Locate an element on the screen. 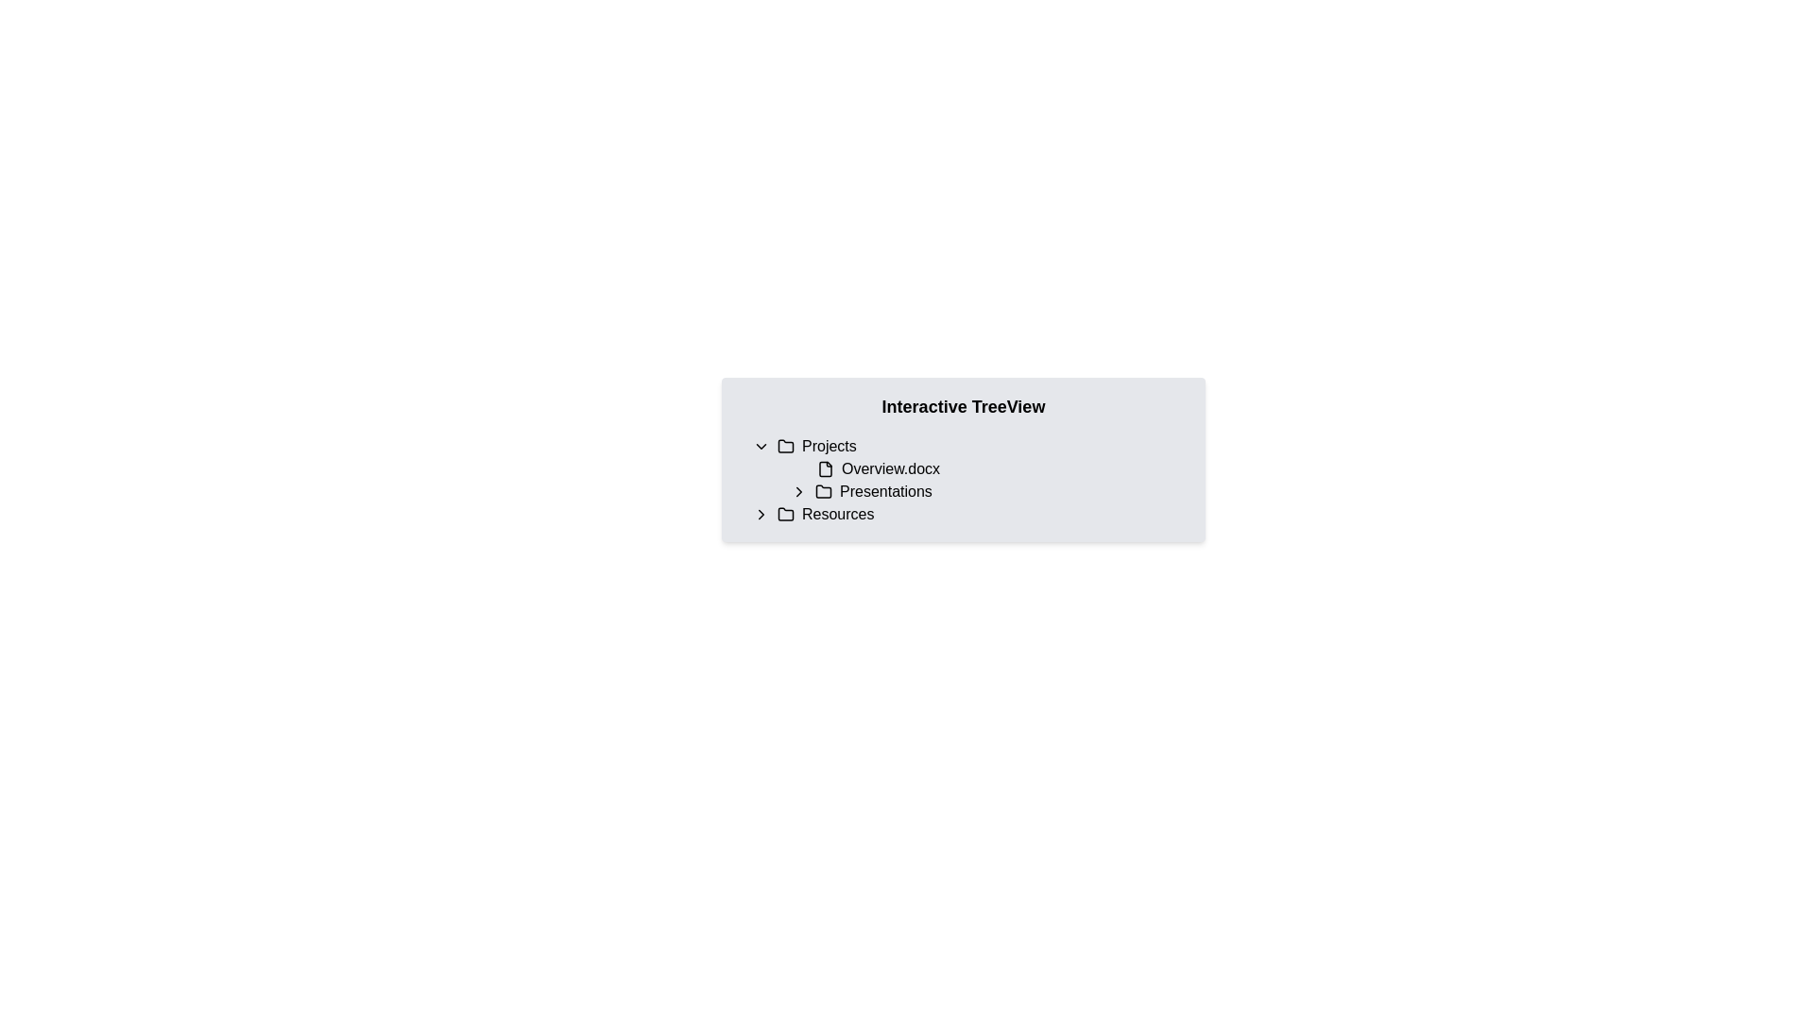  the file attachment icon associated with 'Overview.docx' in the tree view under the 'Projects' folder is located at coordinates (825, 468).